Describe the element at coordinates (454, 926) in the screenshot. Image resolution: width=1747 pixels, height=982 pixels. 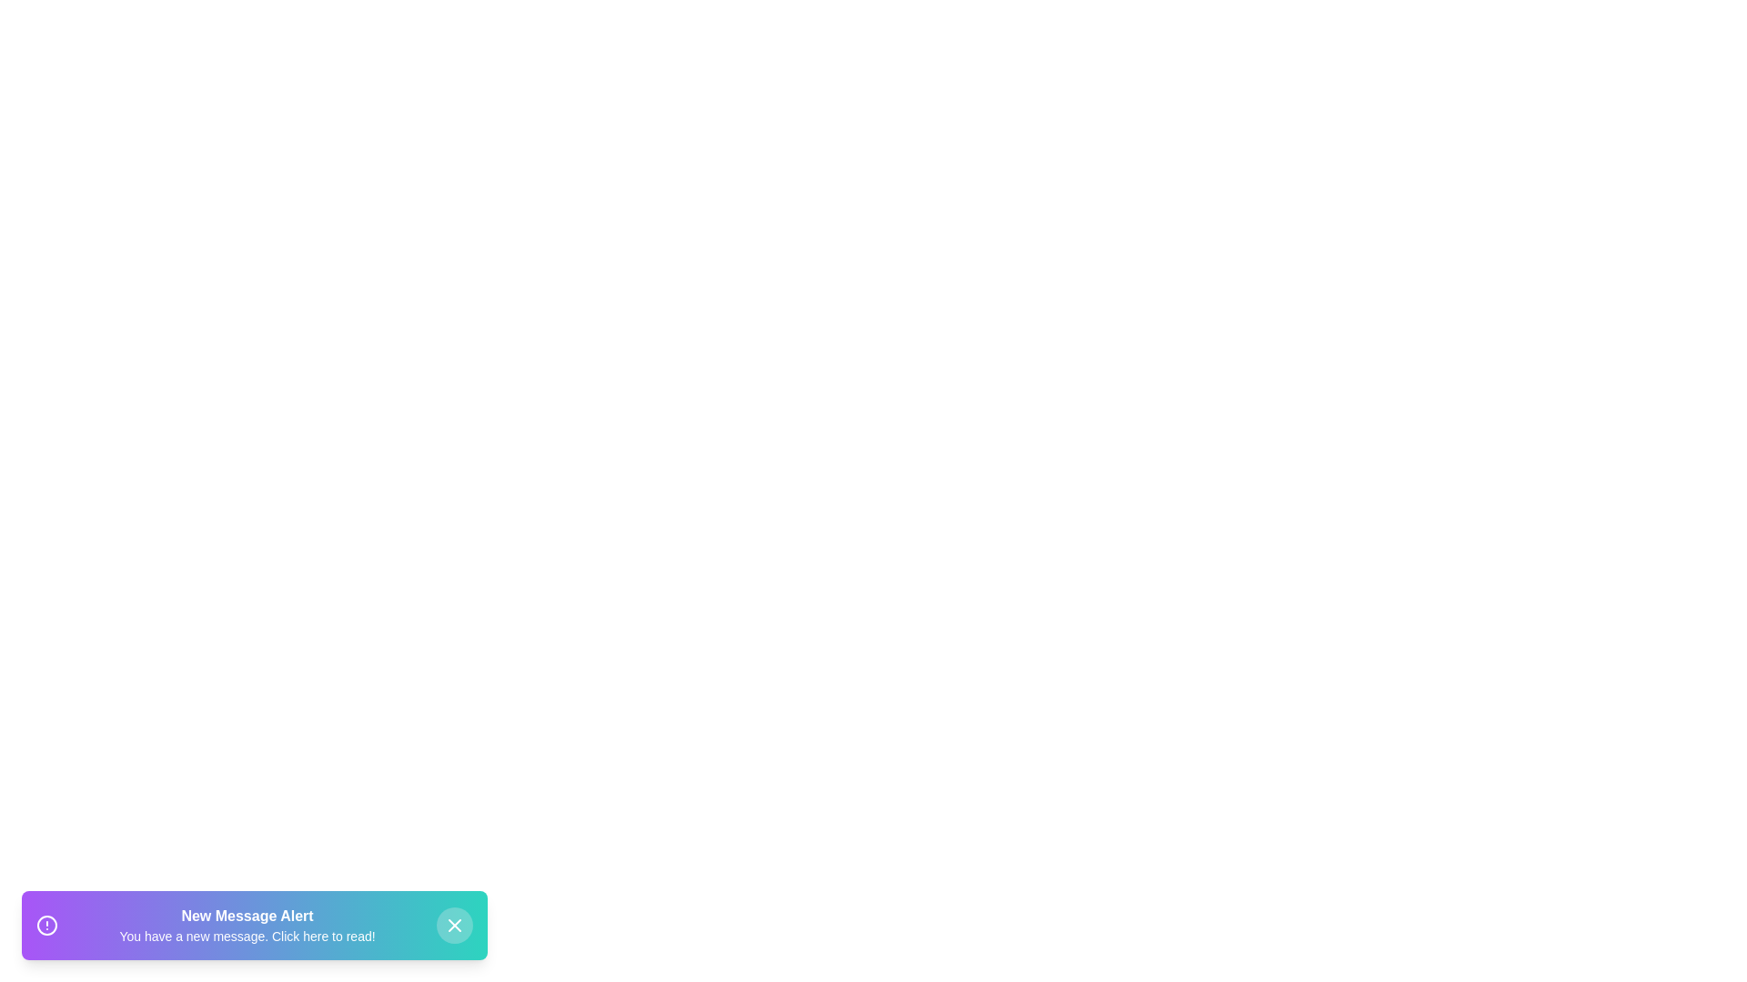
I see `the close button to dismiss the snackbar` at that location.